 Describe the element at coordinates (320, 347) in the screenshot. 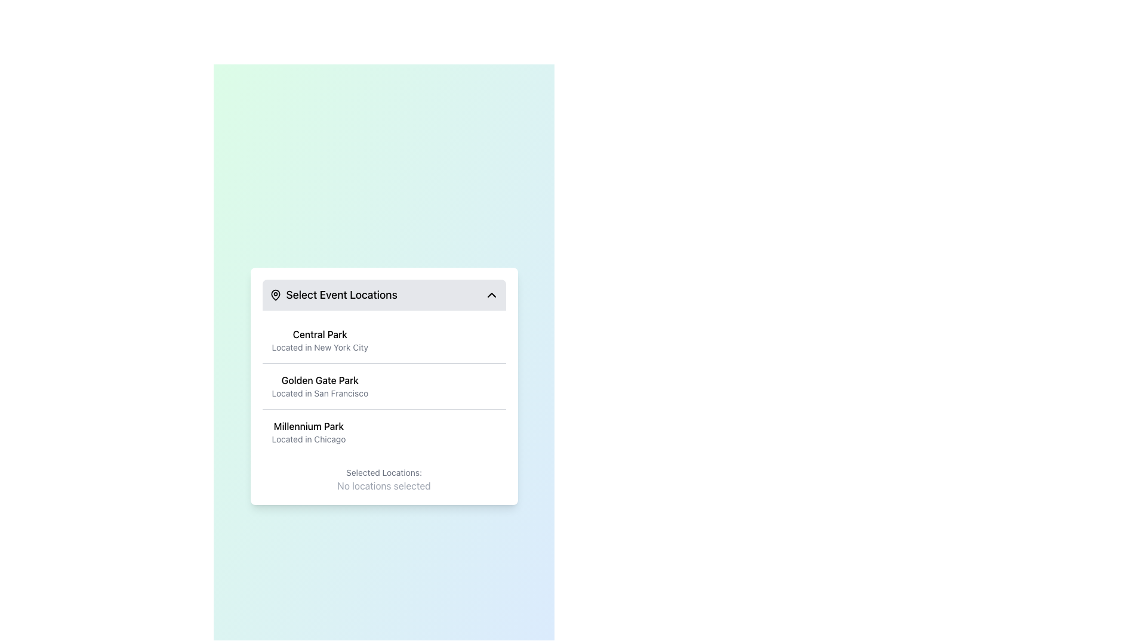

I see `the secondary text element providing additional details about 'Central Park'` at that location.